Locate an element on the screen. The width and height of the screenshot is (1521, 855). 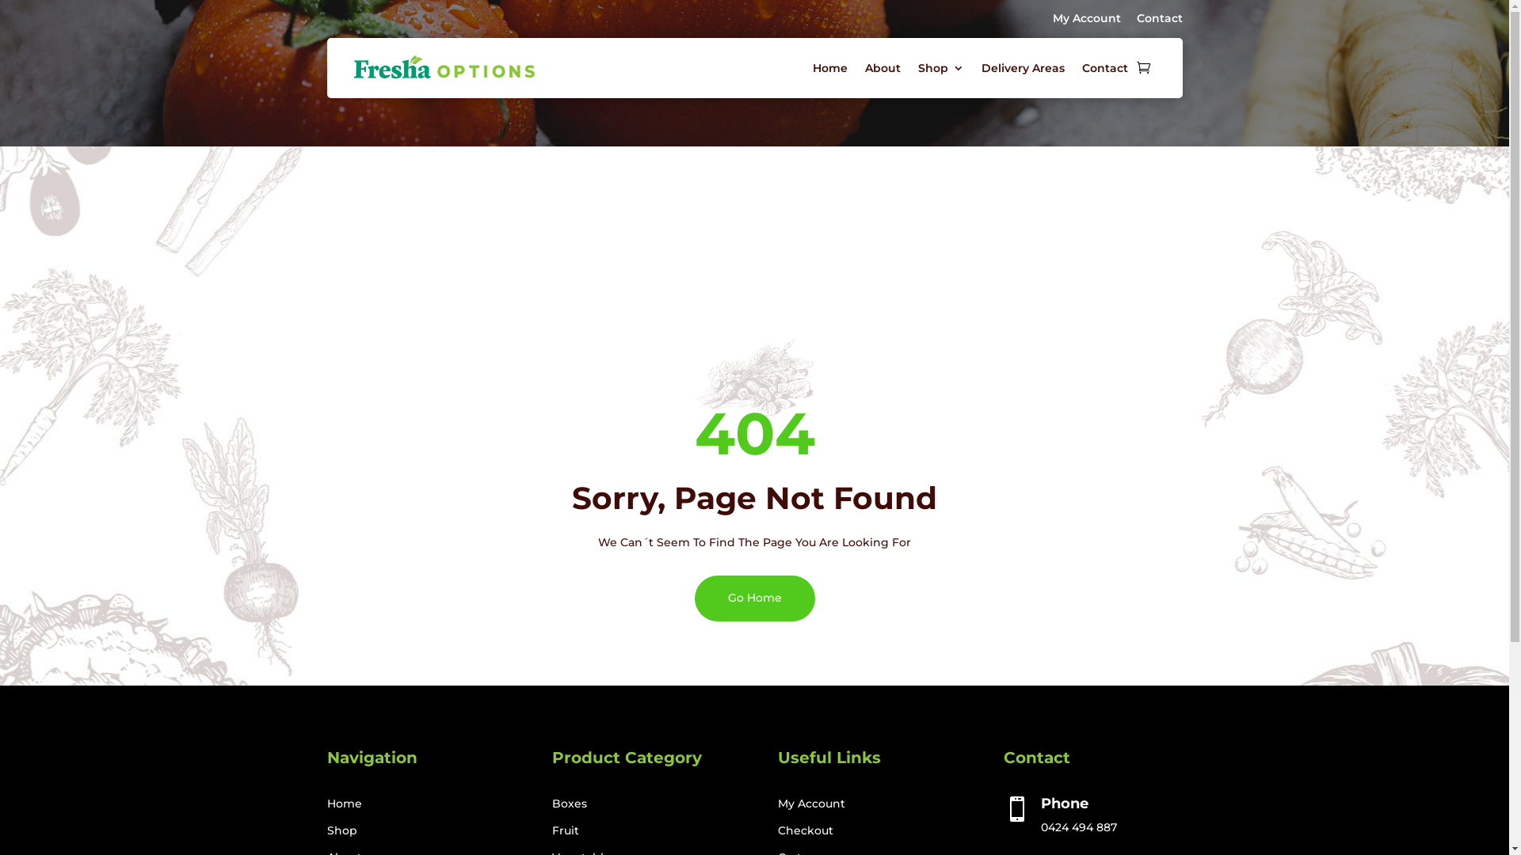
'Contact' is located at coordinates (1104, 66).